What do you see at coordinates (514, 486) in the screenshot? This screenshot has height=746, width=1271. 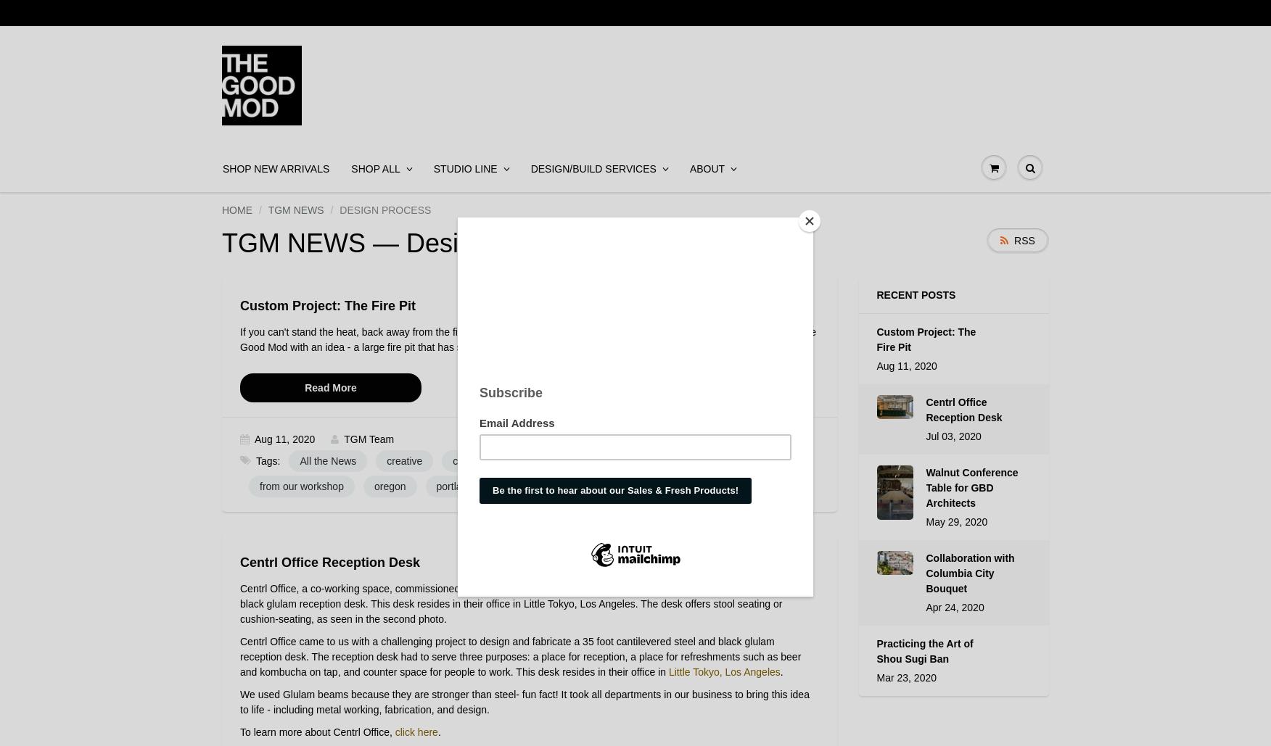 I see `'TGM'` at bounding box center [514, 486].